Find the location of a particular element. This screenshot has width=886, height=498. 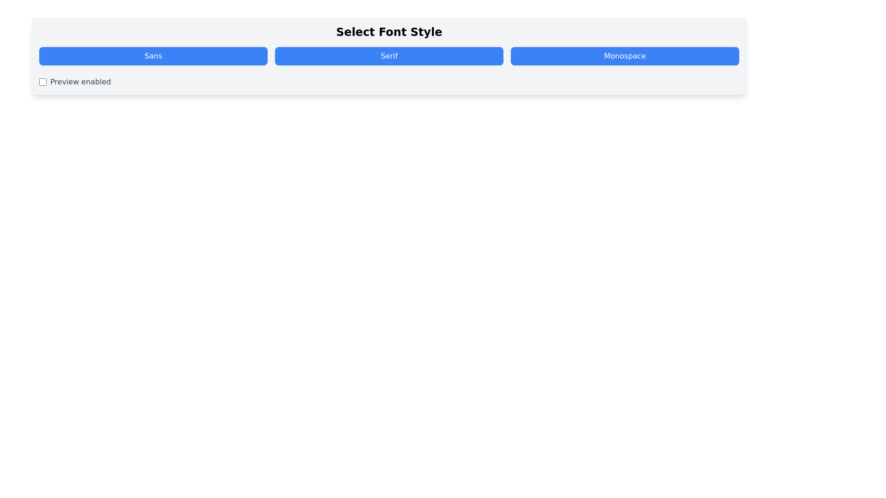

the 'Serif' font style button, which is the second button in a row labeled 'Sans', 'Serif', and 'Monospace' is located at coordinates (389, 56).